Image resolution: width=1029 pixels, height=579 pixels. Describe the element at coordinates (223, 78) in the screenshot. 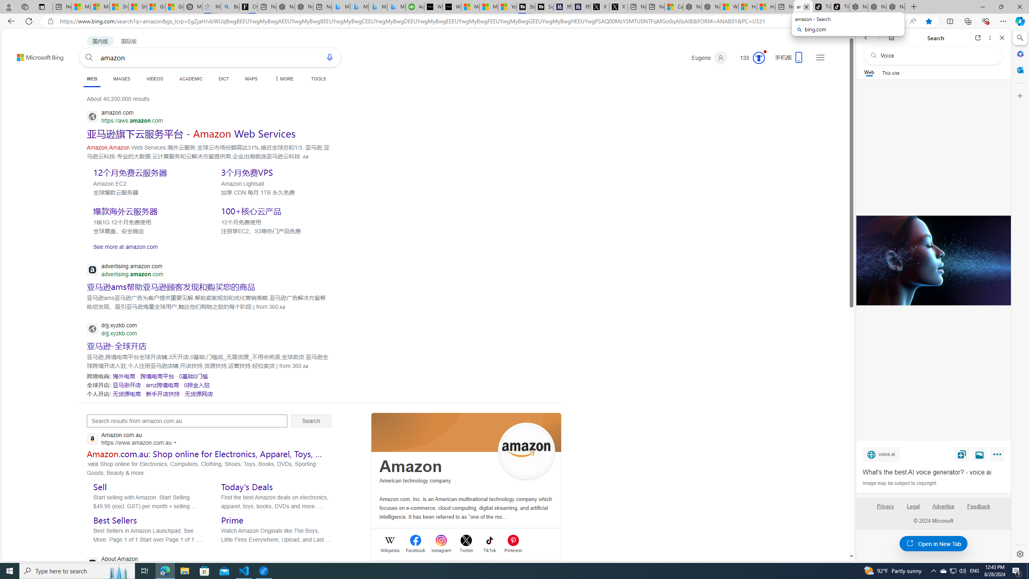

I see `'DICT'` at that location.